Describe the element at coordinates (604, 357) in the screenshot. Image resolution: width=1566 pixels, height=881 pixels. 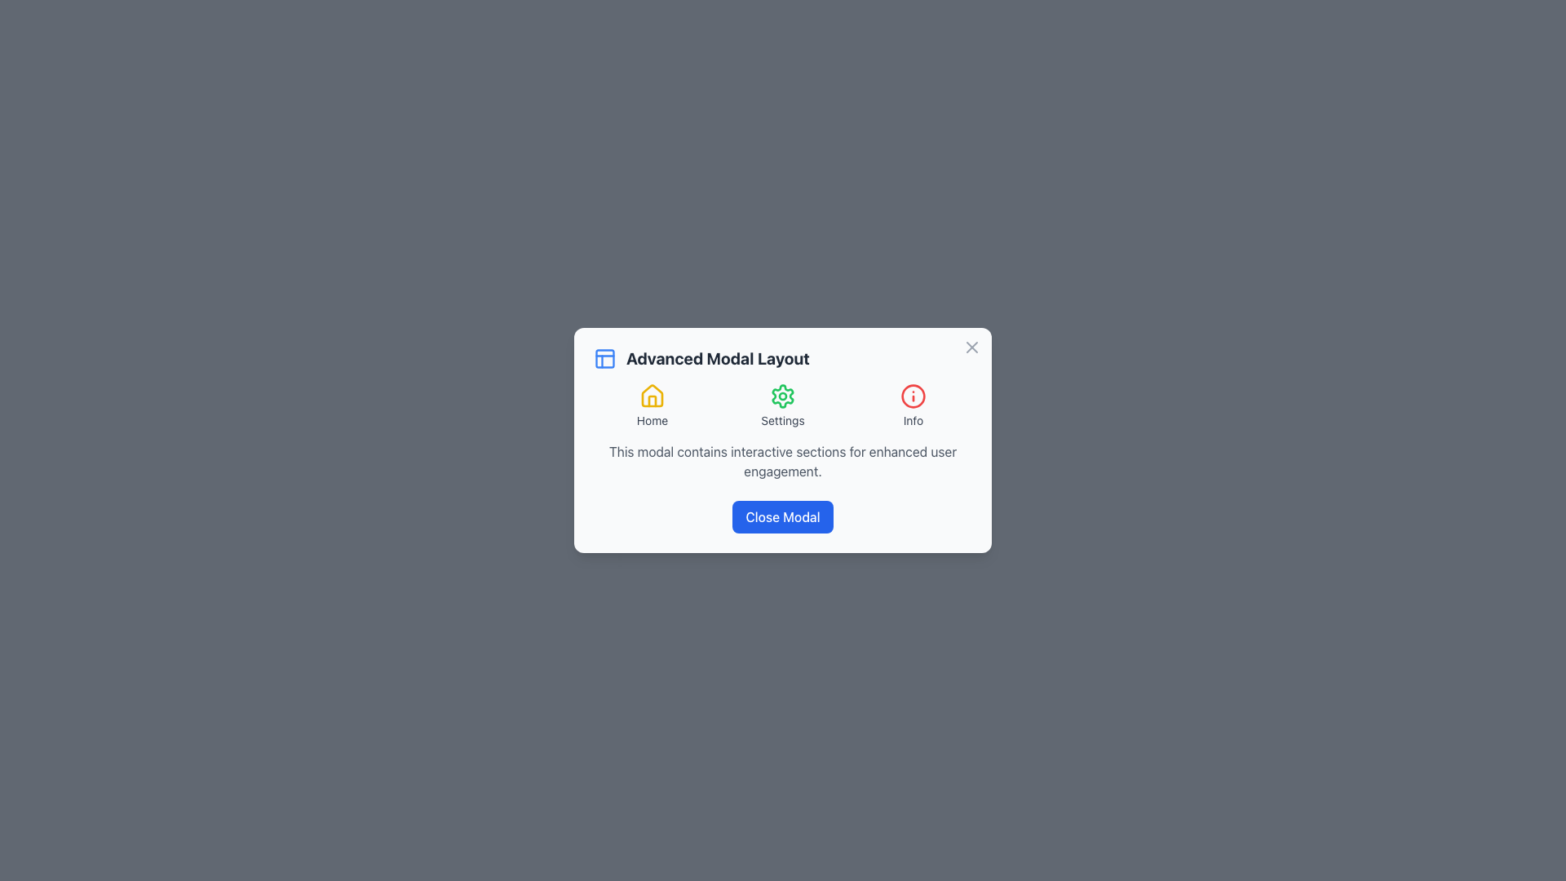
I see `the first subcomponent of the grouped icon representation located near the top-left corner of the modal, preceding the label 'Advanced Modal Layout.'` at that location.